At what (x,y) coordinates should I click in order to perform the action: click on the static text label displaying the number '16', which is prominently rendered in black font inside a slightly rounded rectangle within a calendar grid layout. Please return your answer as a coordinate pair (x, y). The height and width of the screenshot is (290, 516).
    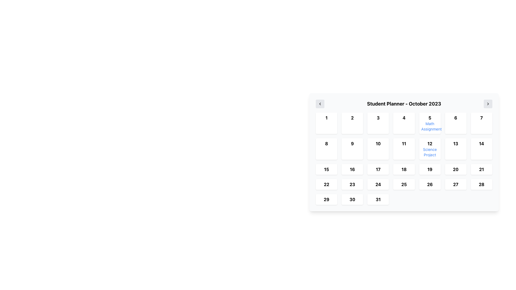
    Looking at the image, I should click on (352, 169).